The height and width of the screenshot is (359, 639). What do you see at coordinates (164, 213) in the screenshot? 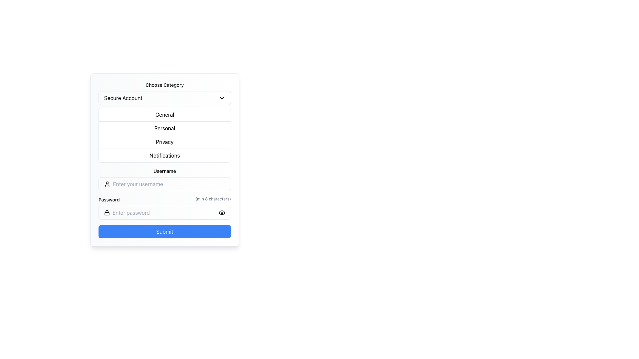
I see `the password input field by pressing the tab key` at bounding box center [164, 213].